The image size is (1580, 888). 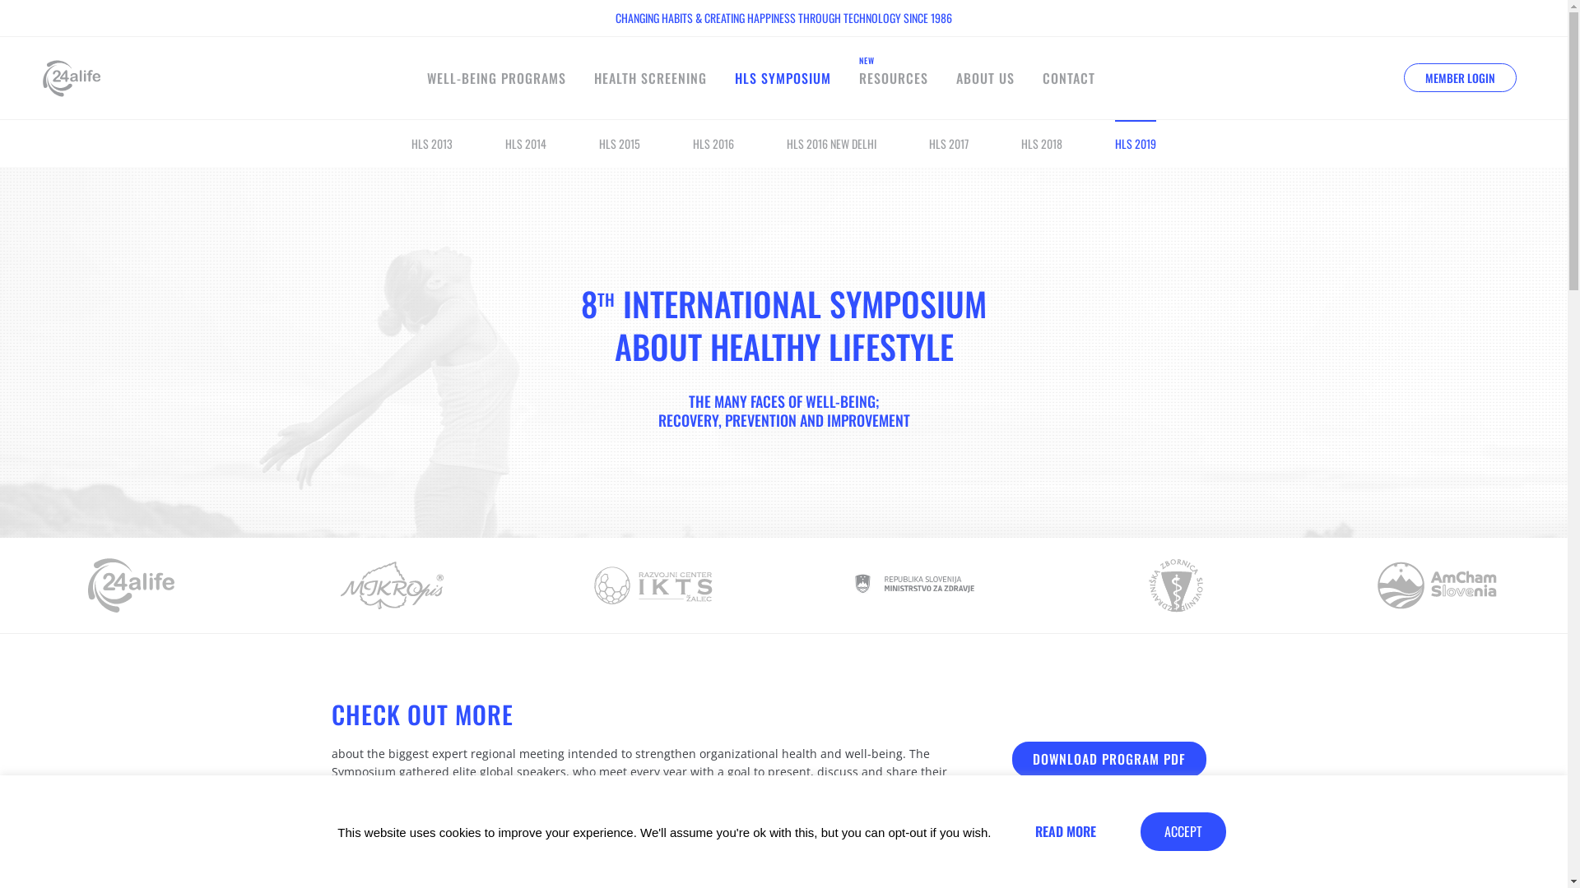 I want to click on 'HEALTH SCREENING', so click(x=649, y=78).